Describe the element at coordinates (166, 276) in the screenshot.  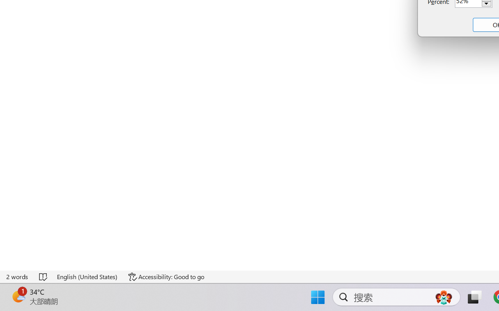
I see `'Accessibility Checker Accessibility: Good to go'` at that location.